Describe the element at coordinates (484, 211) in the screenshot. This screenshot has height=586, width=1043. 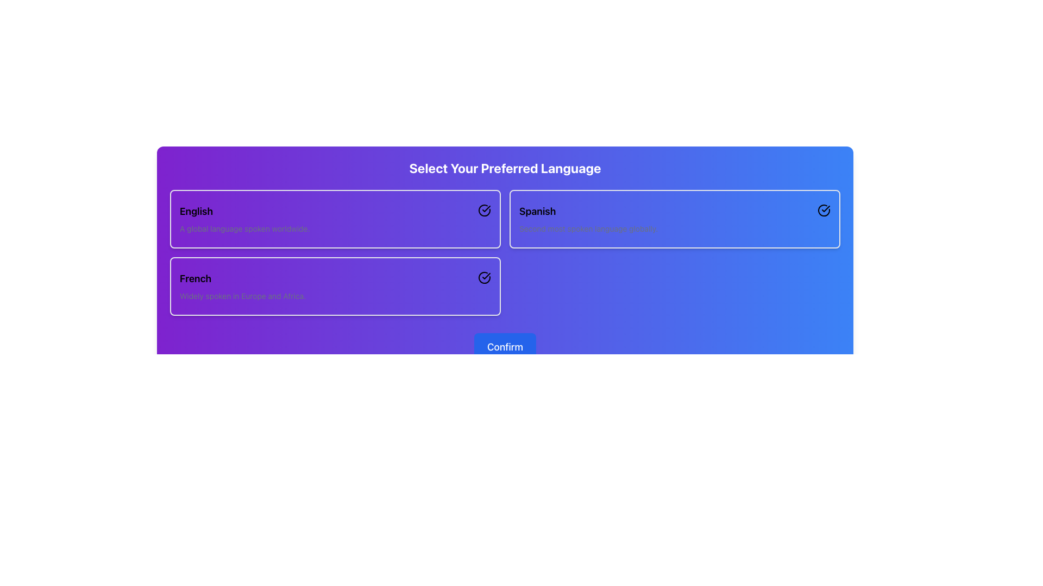
I see `the icon that represents the selection status of the 'English' language option in the language selection interface, located in the top-left card of the language selection section` at that location.